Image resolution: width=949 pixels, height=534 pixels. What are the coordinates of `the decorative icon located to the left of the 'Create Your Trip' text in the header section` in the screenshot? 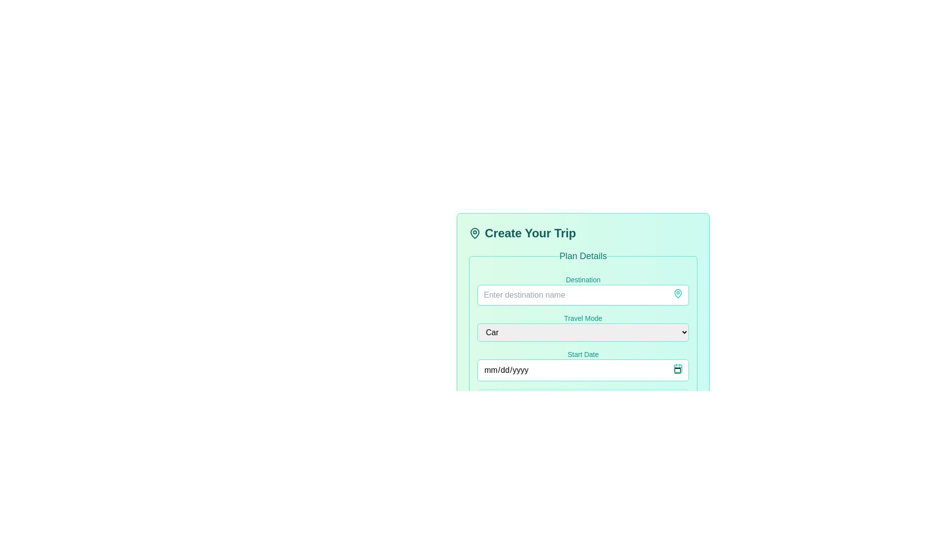 It's located at (474, 233).